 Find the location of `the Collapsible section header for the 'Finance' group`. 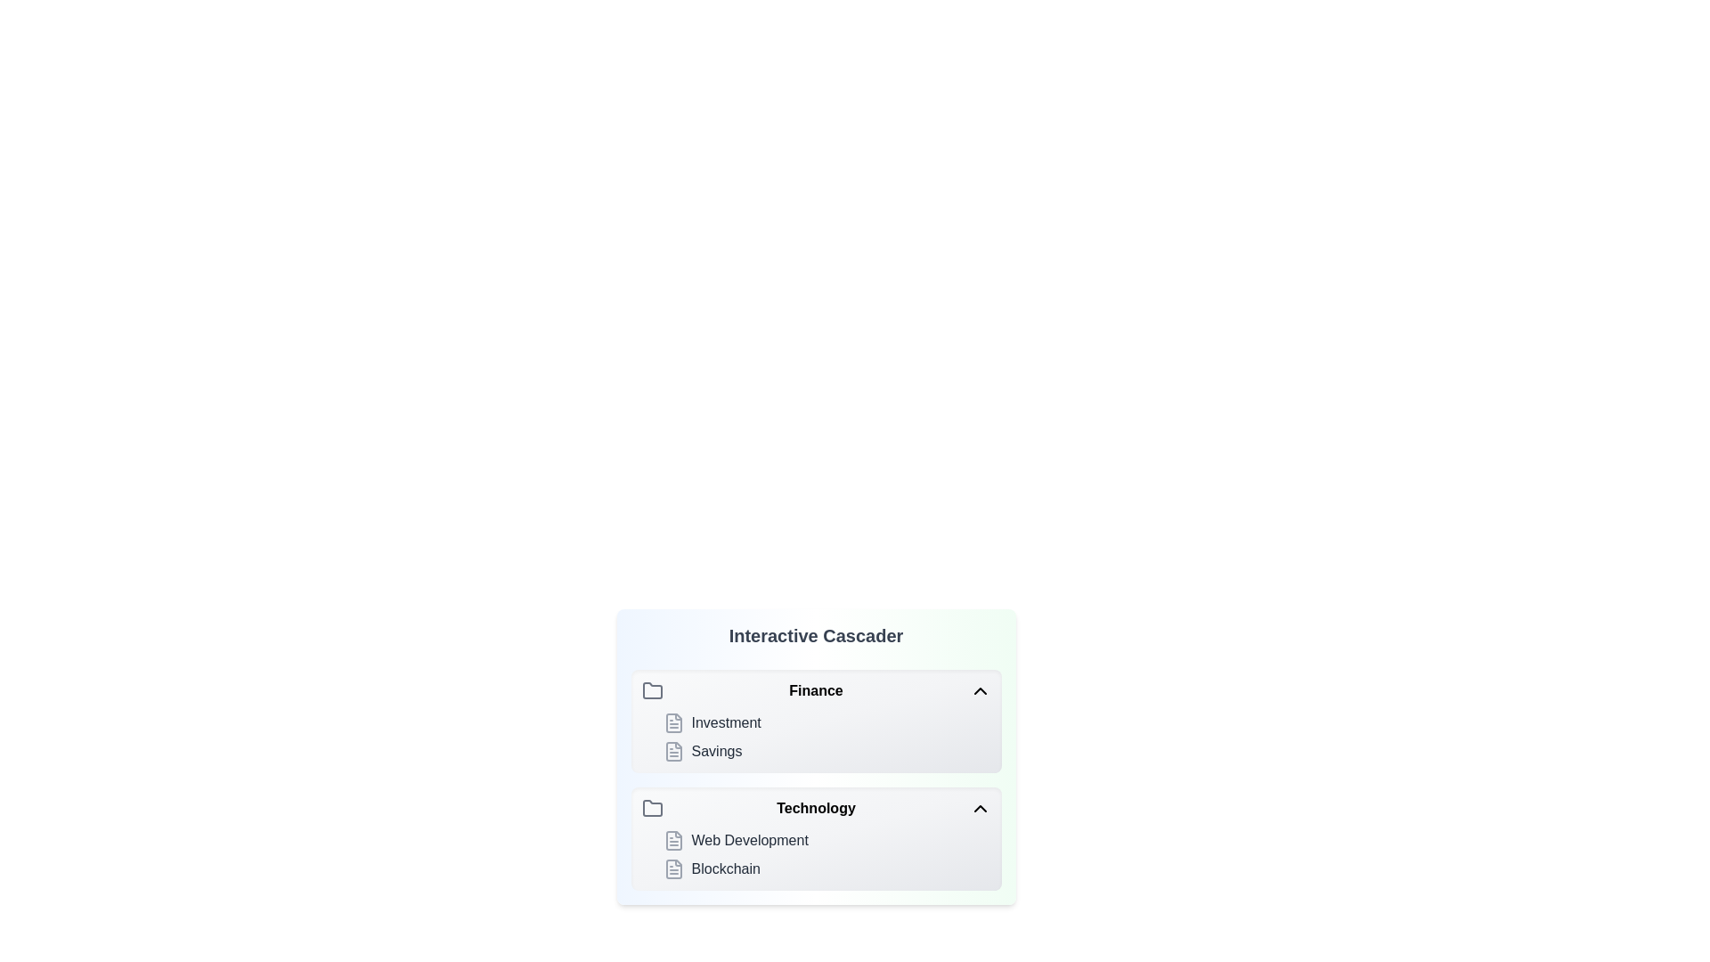

the Collapsible section header for the 'Finance' group is located at coordinates (815, 689).